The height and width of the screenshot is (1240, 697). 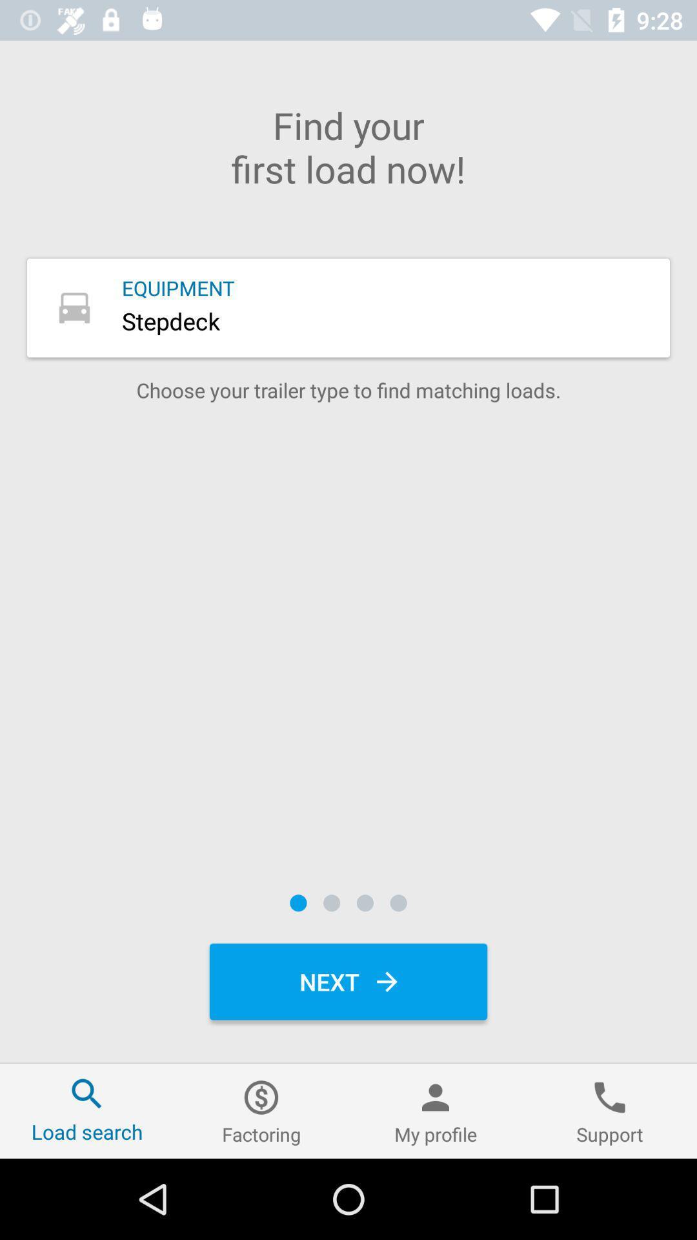 What do you see at coordinates (348, 307) in the screenshot?
I see `equipment button` at bounding box center [348, 307].